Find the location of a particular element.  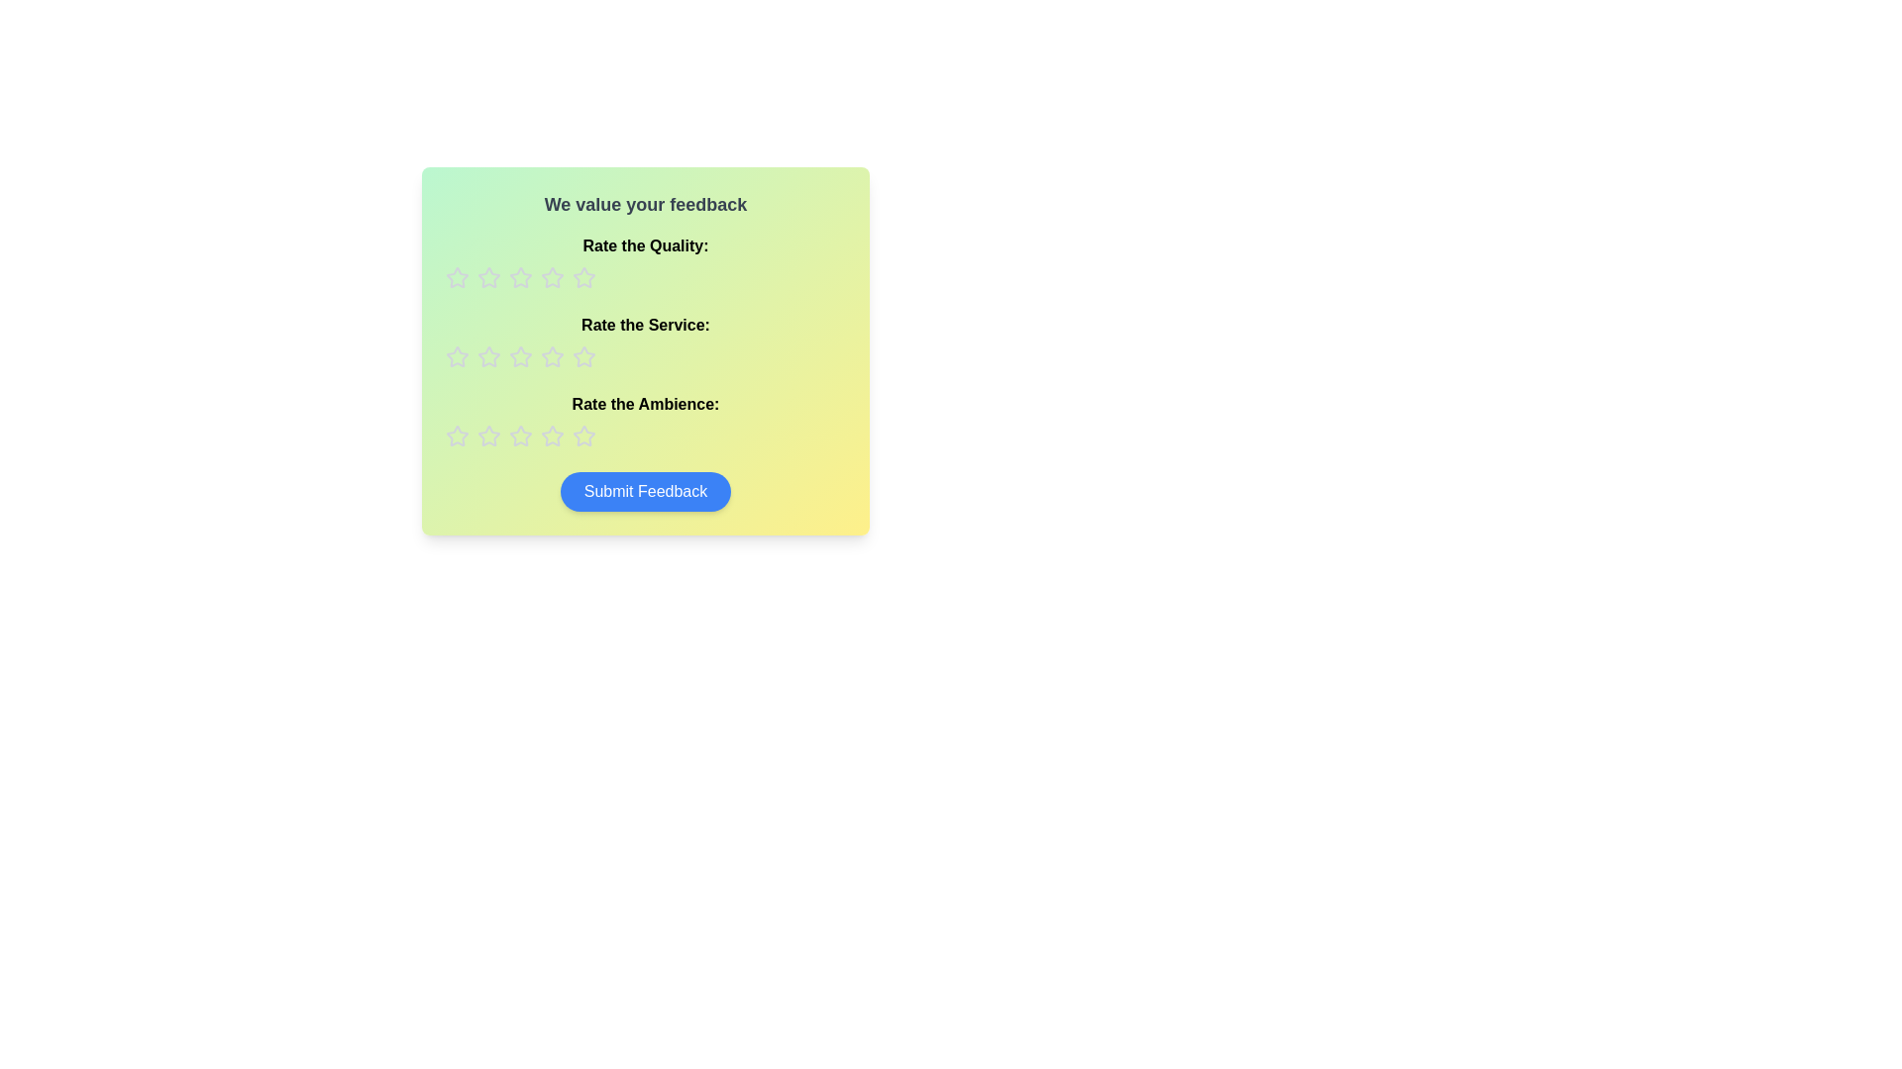

the first star icon in the 'Rate the Ambience' rating row for rearrangement is located at coordinates (456, 435).